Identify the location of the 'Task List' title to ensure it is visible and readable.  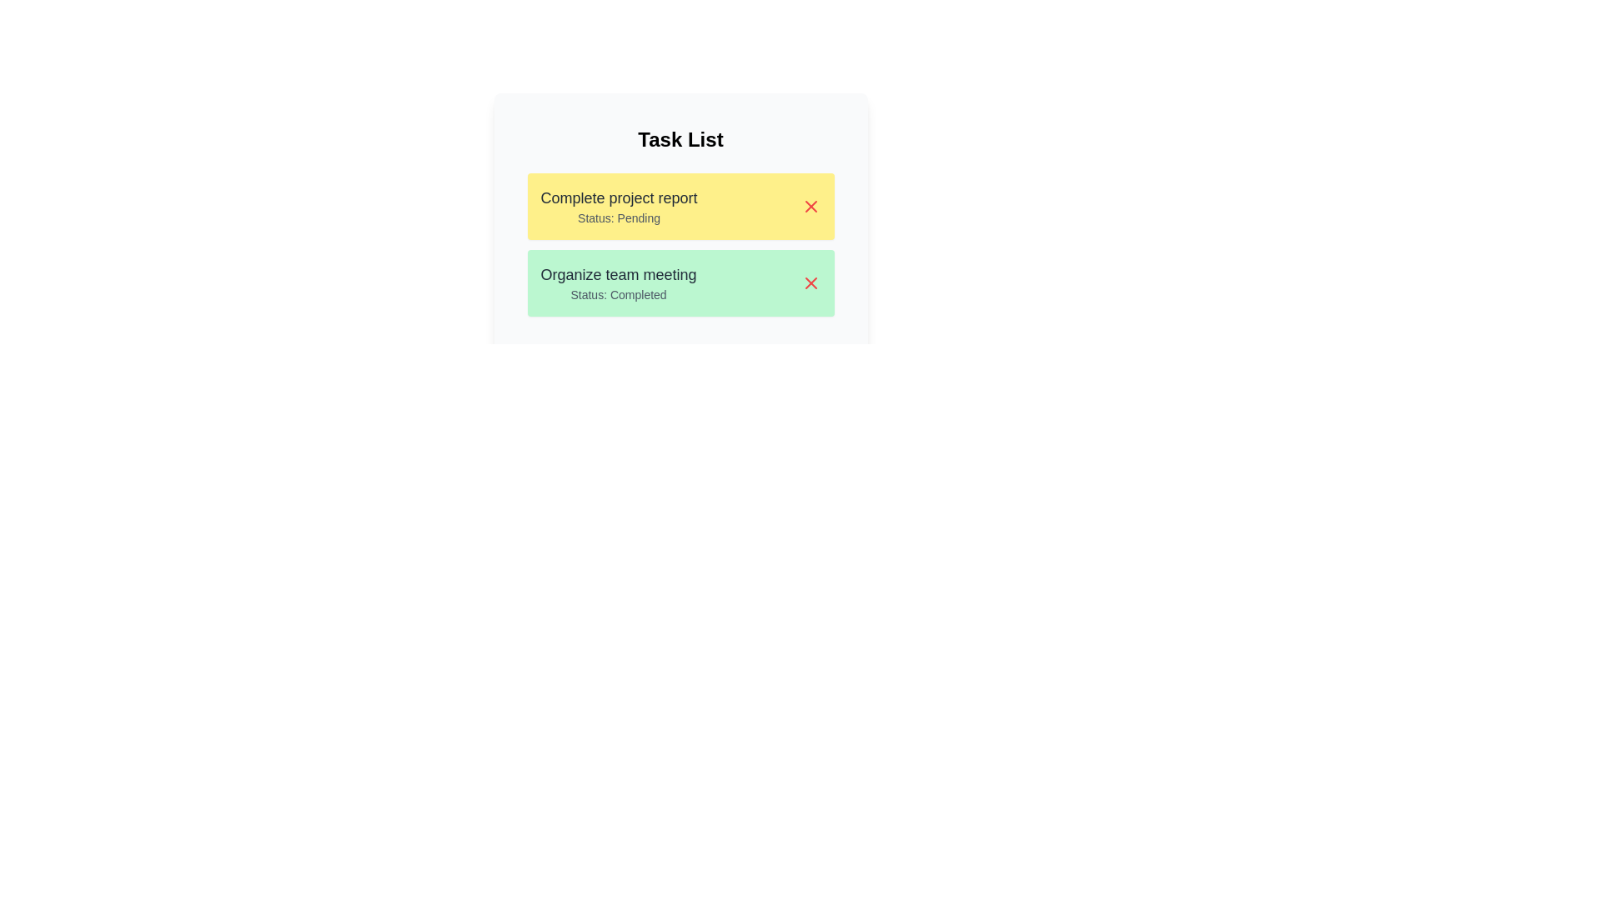
(680, 139).